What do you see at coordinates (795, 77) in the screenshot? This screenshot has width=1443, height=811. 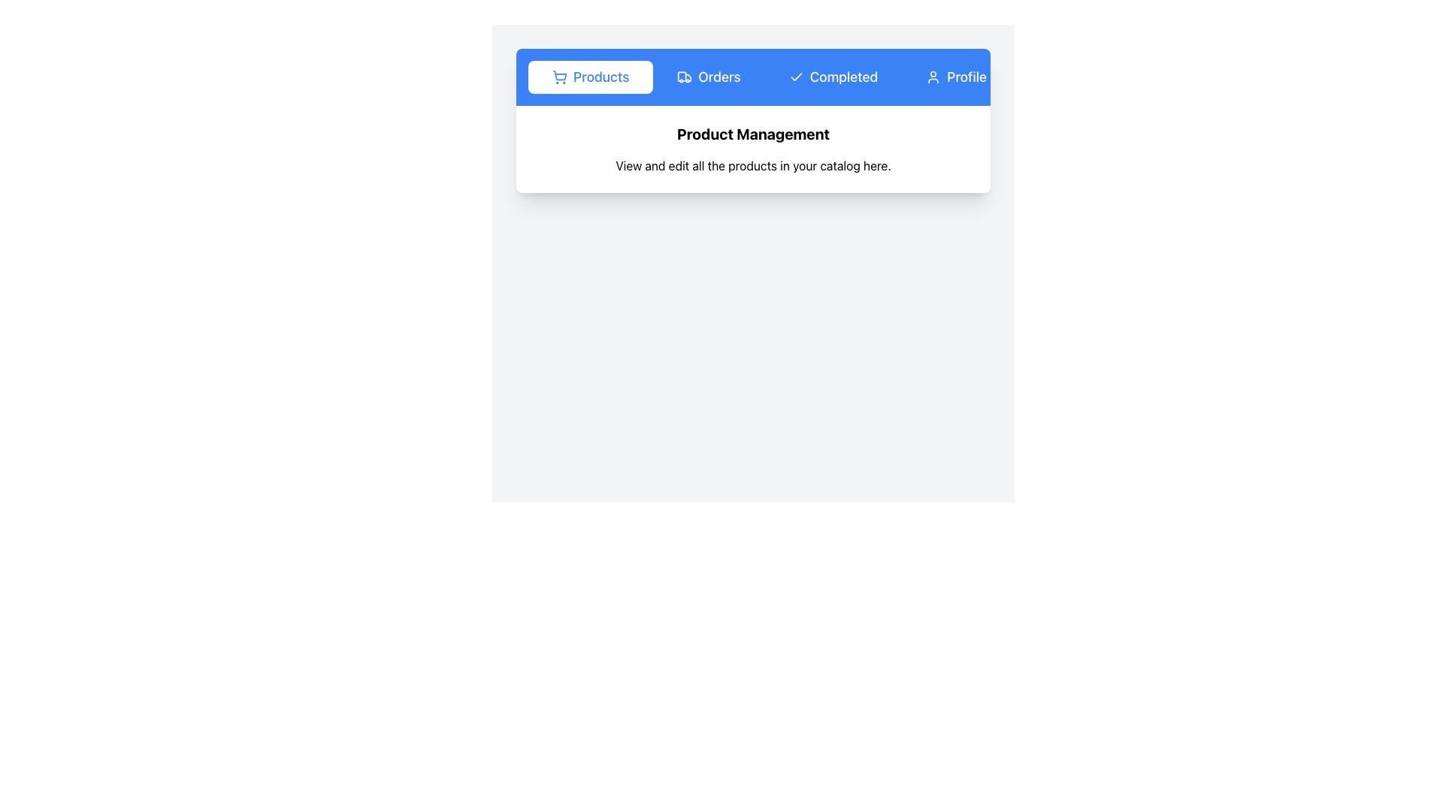 I see `the checkmark icon located in the navigation bar, which is positioned next to the 'Completed' label, to interact with the 'Completed' option` at bounding box center [795, 77].